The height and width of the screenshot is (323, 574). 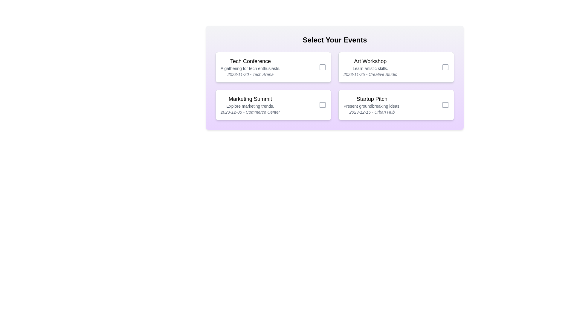 I want to click on the checkbox for the event Art Workshop, so click(x=445, y=67).